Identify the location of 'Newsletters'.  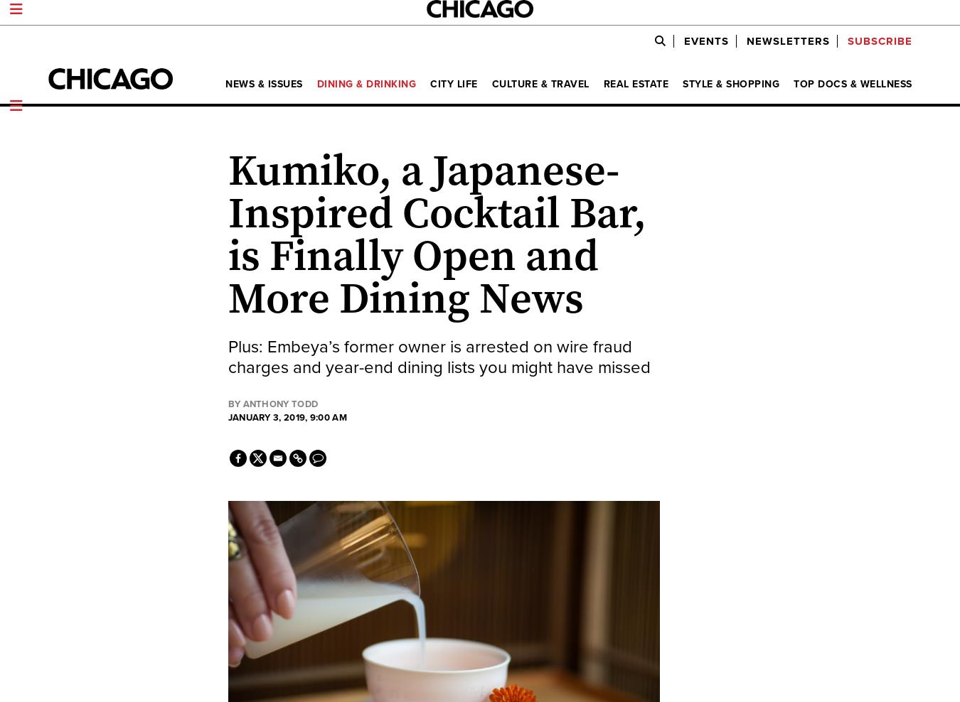
(787, 40).